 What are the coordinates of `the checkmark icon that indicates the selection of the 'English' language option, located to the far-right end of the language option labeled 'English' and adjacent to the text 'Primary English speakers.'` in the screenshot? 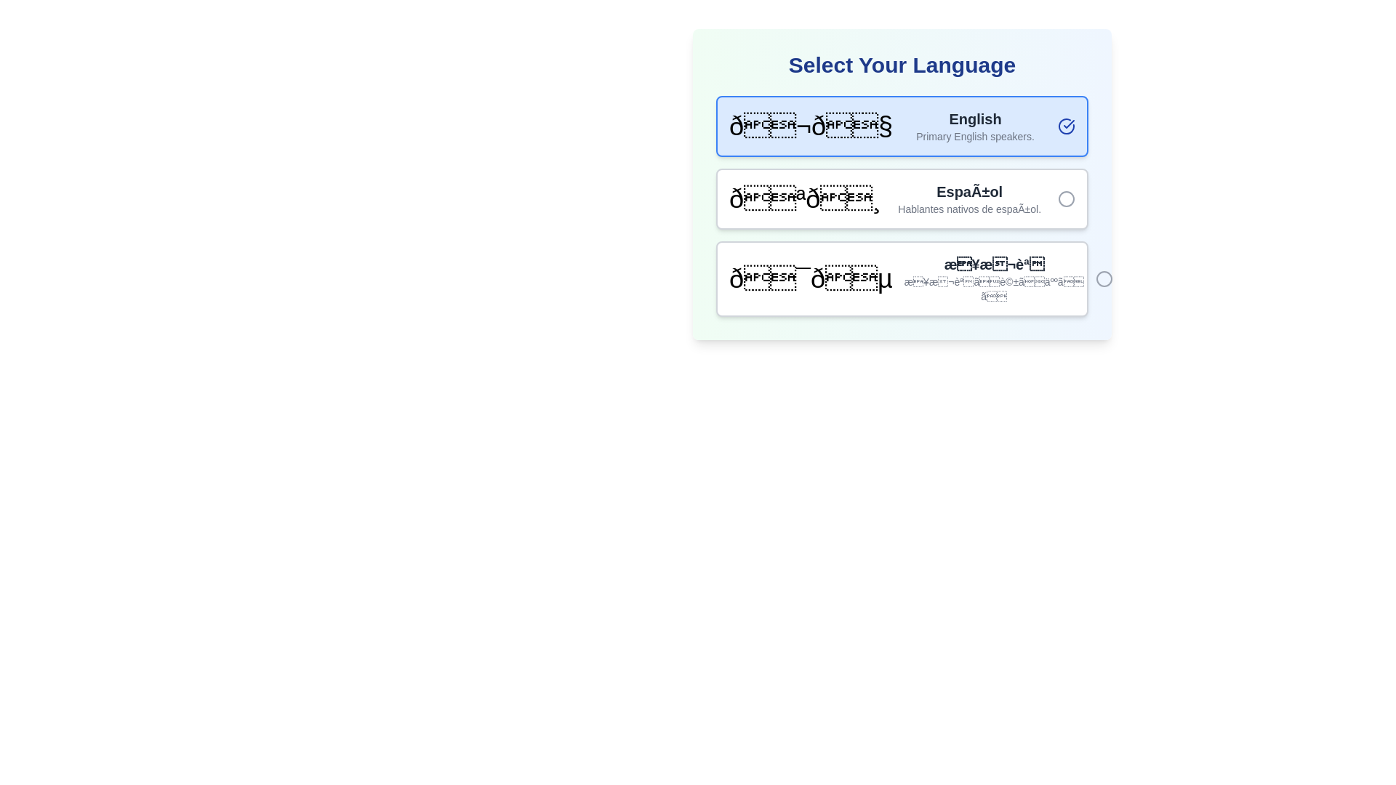 It's located at (1067, 125).